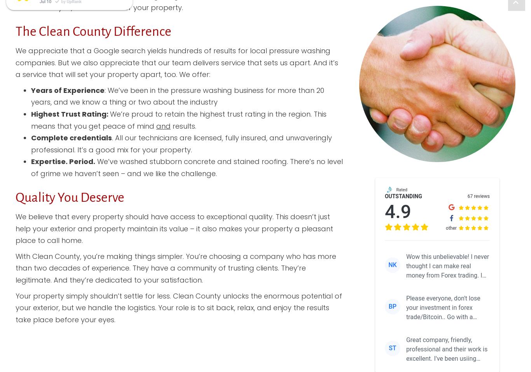 The image size is (531, 372). I want to click on 'other', so click(451, 227).